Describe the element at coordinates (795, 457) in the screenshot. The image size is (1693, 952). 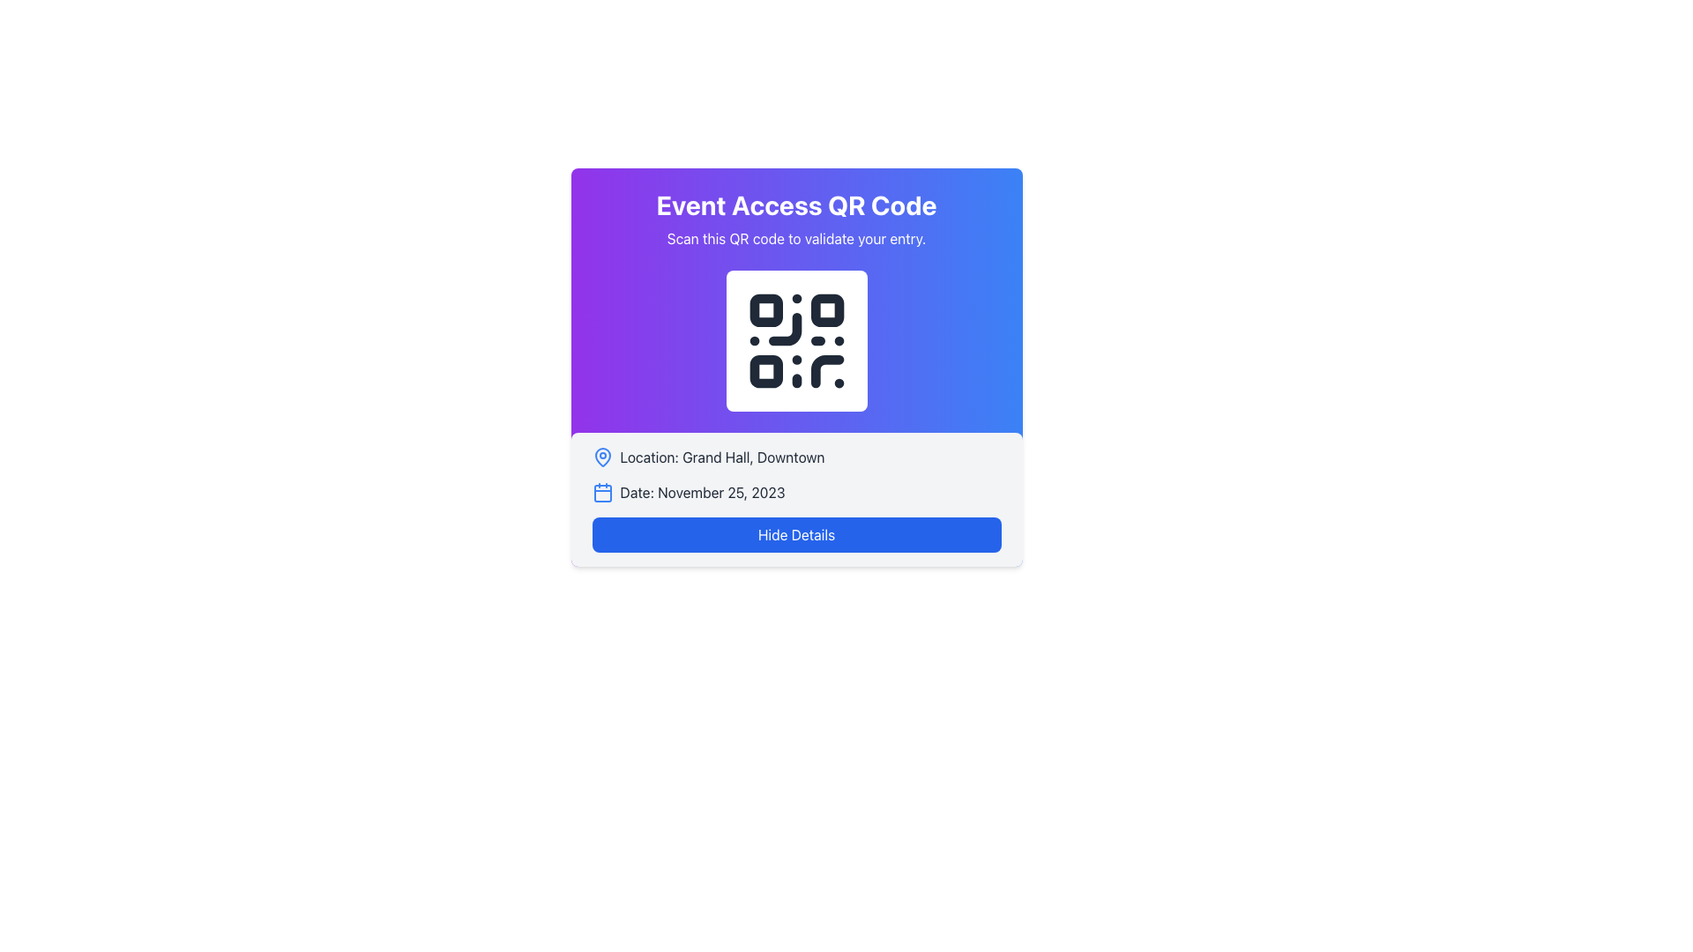
I see `the Text label displaying 'Location: Grand Hall, Downtown' with a blue pin icon, which is located directly beneath the QR code and above the 'Date: November 25, 2023' text` at that location.